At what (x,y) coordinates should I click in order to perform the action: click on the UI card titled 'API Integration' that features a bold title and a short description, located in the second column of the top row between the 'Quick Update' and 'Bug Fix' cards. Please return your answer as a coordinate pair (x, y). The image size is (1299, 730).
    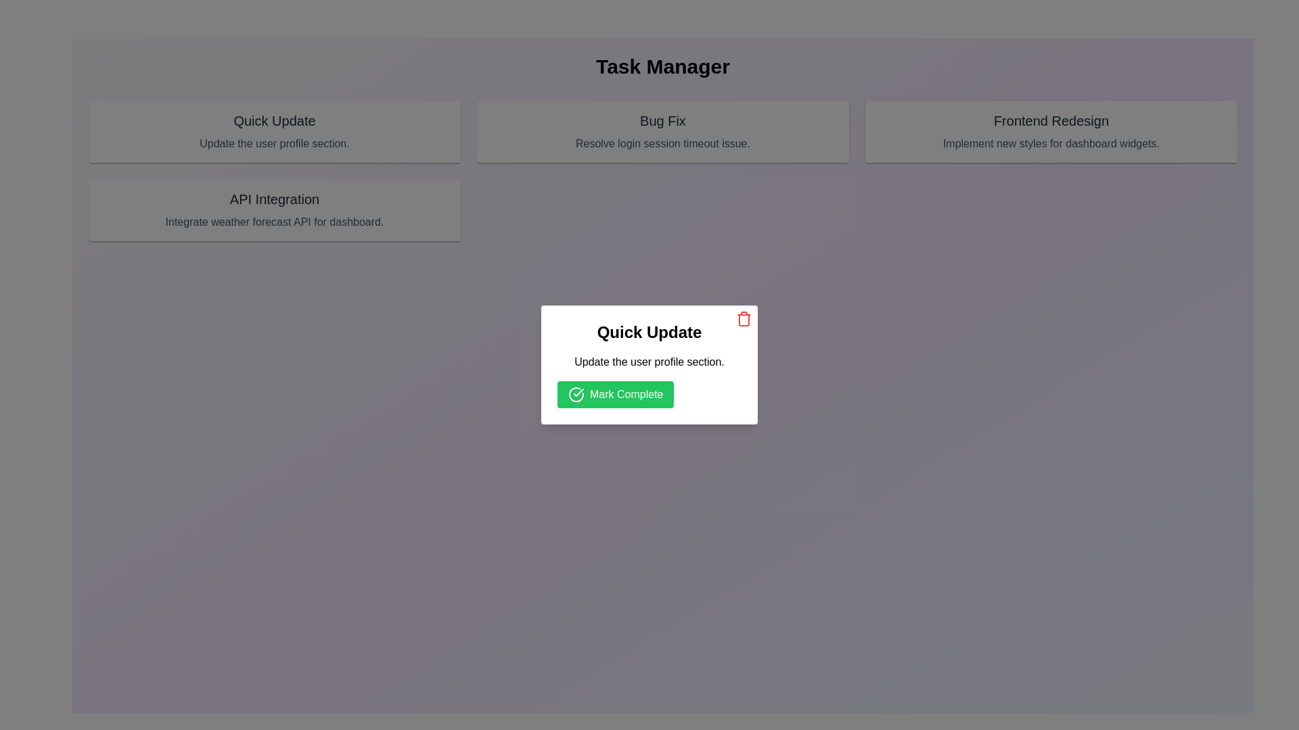
    Looking at the image, I should click on (274, 210).